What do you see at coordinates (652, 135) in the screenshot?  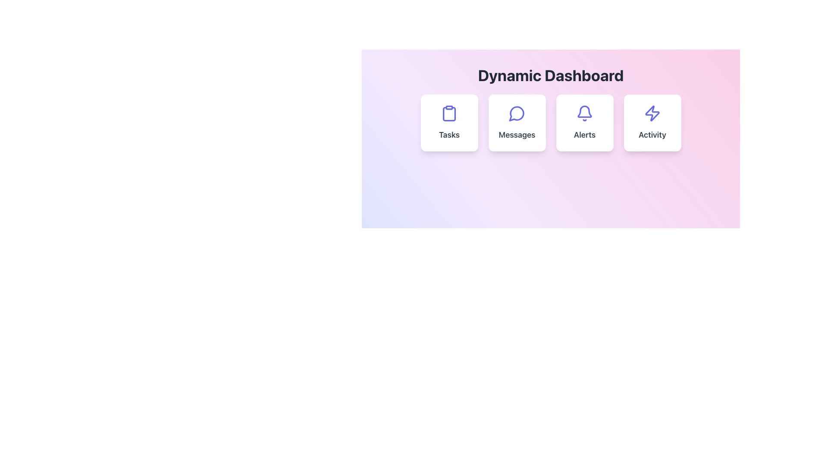 I see `text content of the text label displaying 'Activity' in bold, located at the bottom center of its card on the far right side of a group of four cards` at bounding box center [652, 135].